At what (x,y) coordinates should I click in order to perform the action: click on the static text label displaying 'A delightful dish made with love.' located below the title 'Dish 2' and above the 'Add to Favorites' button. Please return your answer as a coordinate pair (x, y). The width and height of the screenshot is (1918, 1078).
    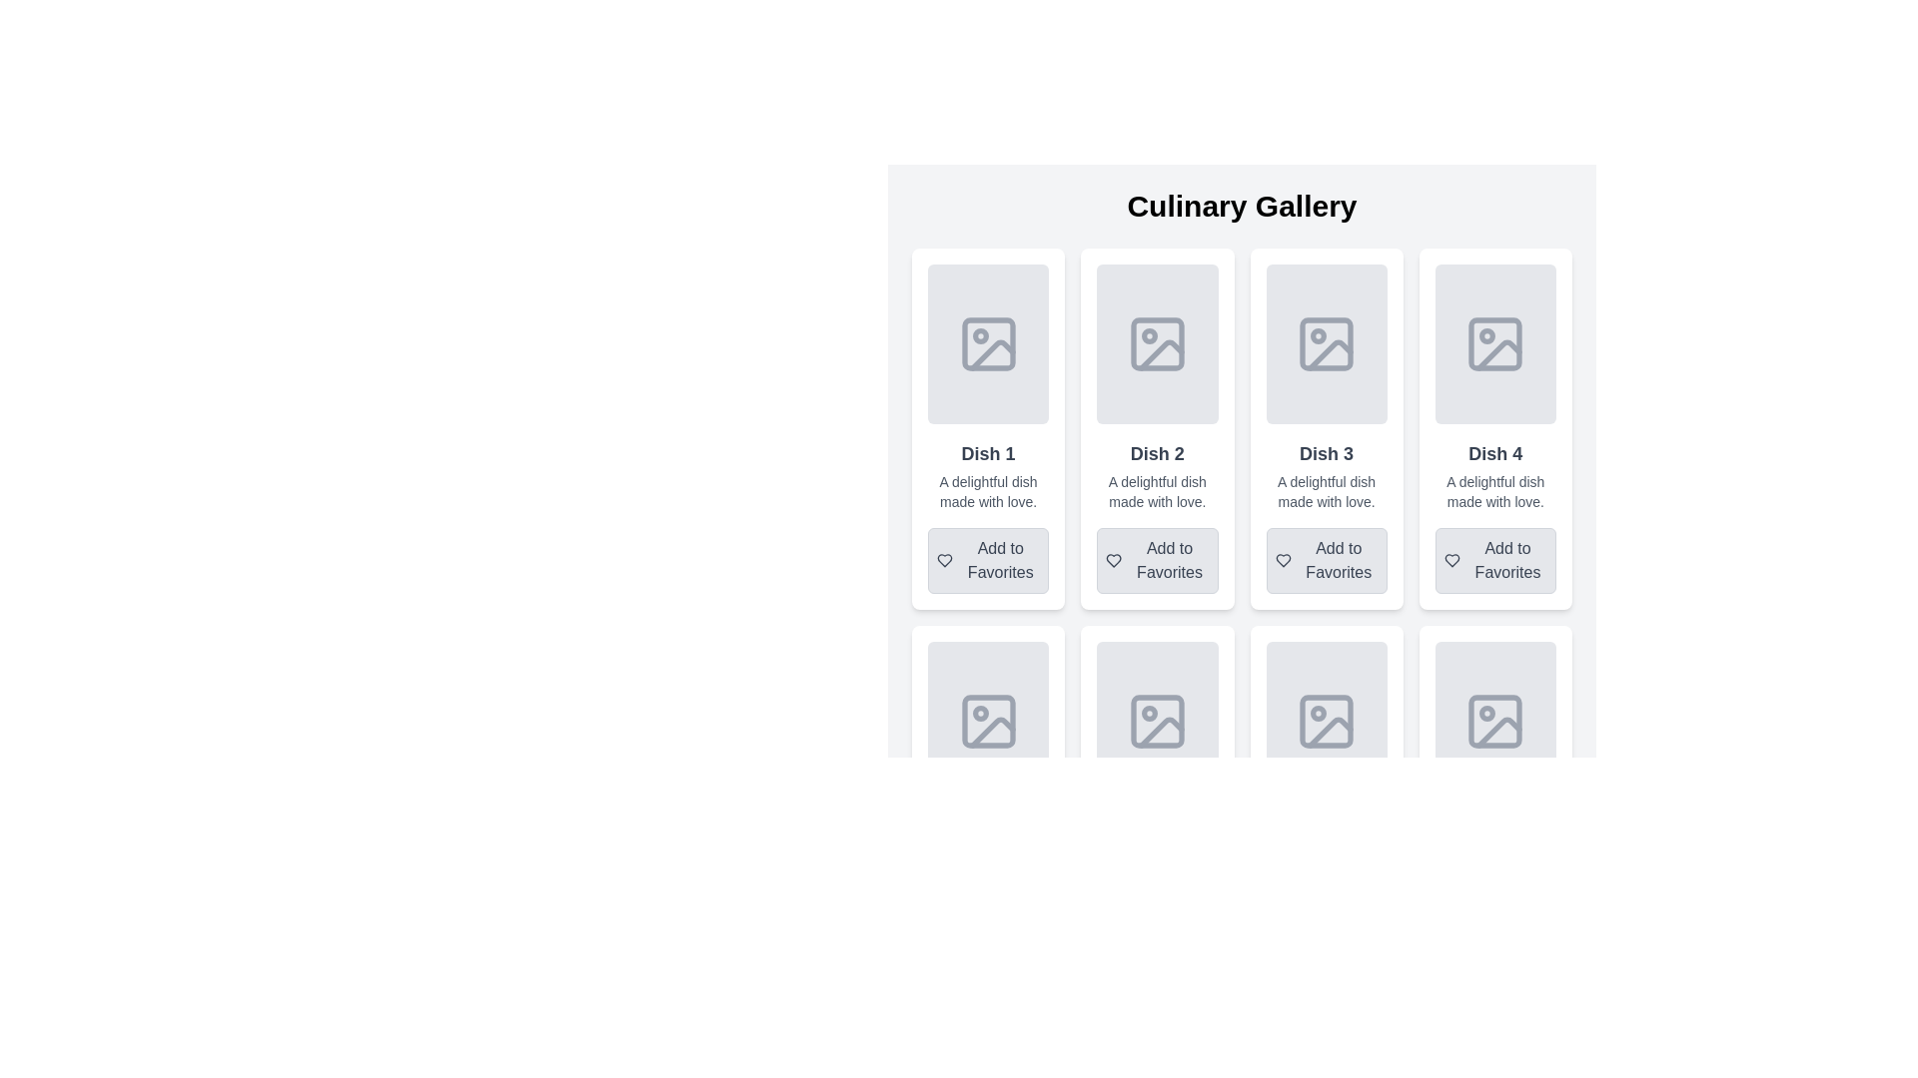
    Looking at the image, I should click on (1157, 492).